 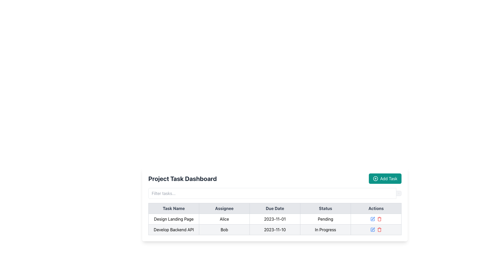 What do you see at coordinates (224, 229) in the screenshot?
I see `text content of the Table Cell displaying the assignee for the 'Develop Backend API' task, which is located in the second cell of the second row in the project task table` at bounding box center [224, 229].